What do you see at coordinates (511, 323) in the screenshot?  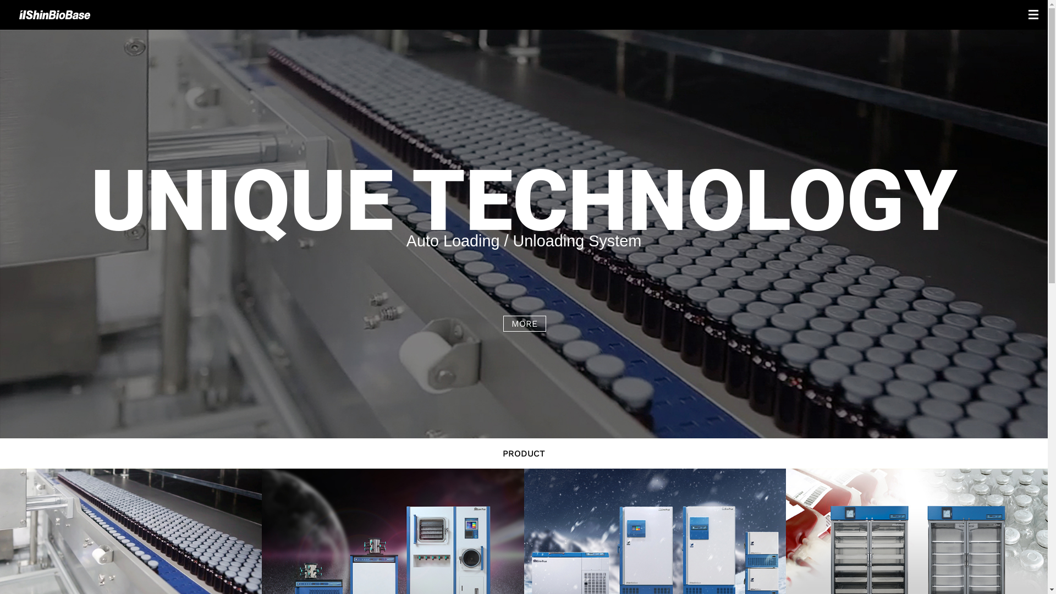 I see `'MORE'` at bounding box center [511, 323].